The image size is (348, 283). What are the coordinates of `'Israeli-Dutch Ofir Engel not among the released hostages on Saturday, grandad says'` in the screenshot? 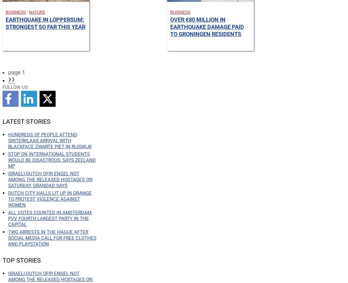 It's located at (8, 179).